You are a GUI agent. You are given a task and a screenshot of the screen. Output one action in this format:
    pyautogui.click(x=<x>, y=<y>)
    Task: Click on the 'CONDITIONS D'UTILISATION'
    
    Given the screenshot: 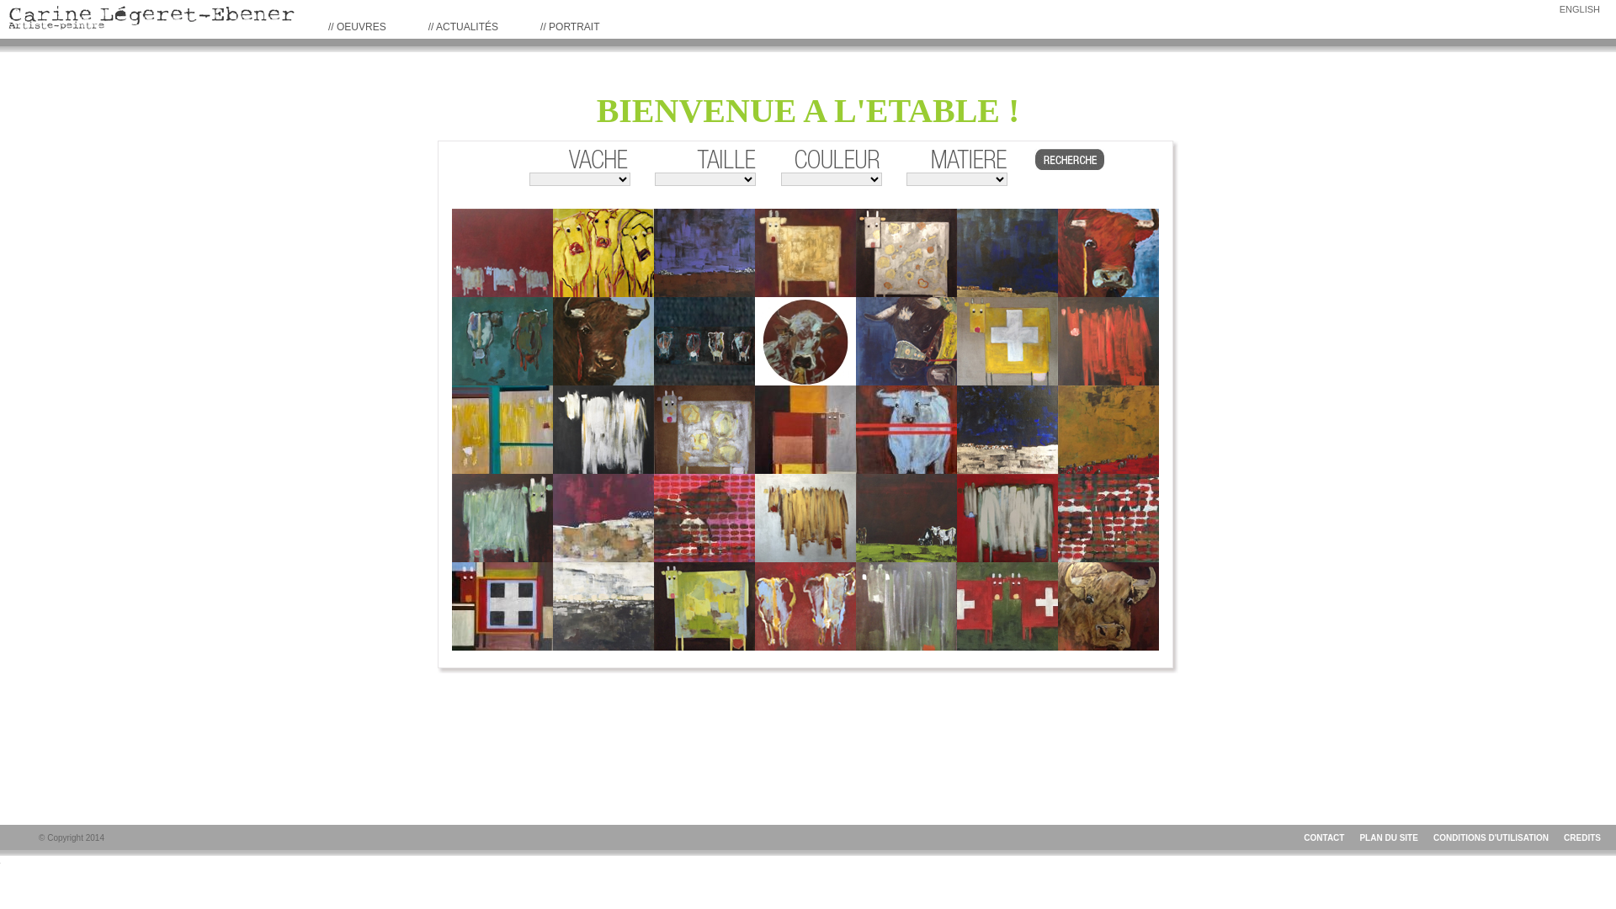 What is the action you would take?
    pyautogui.click(x=1433, y=837)
    